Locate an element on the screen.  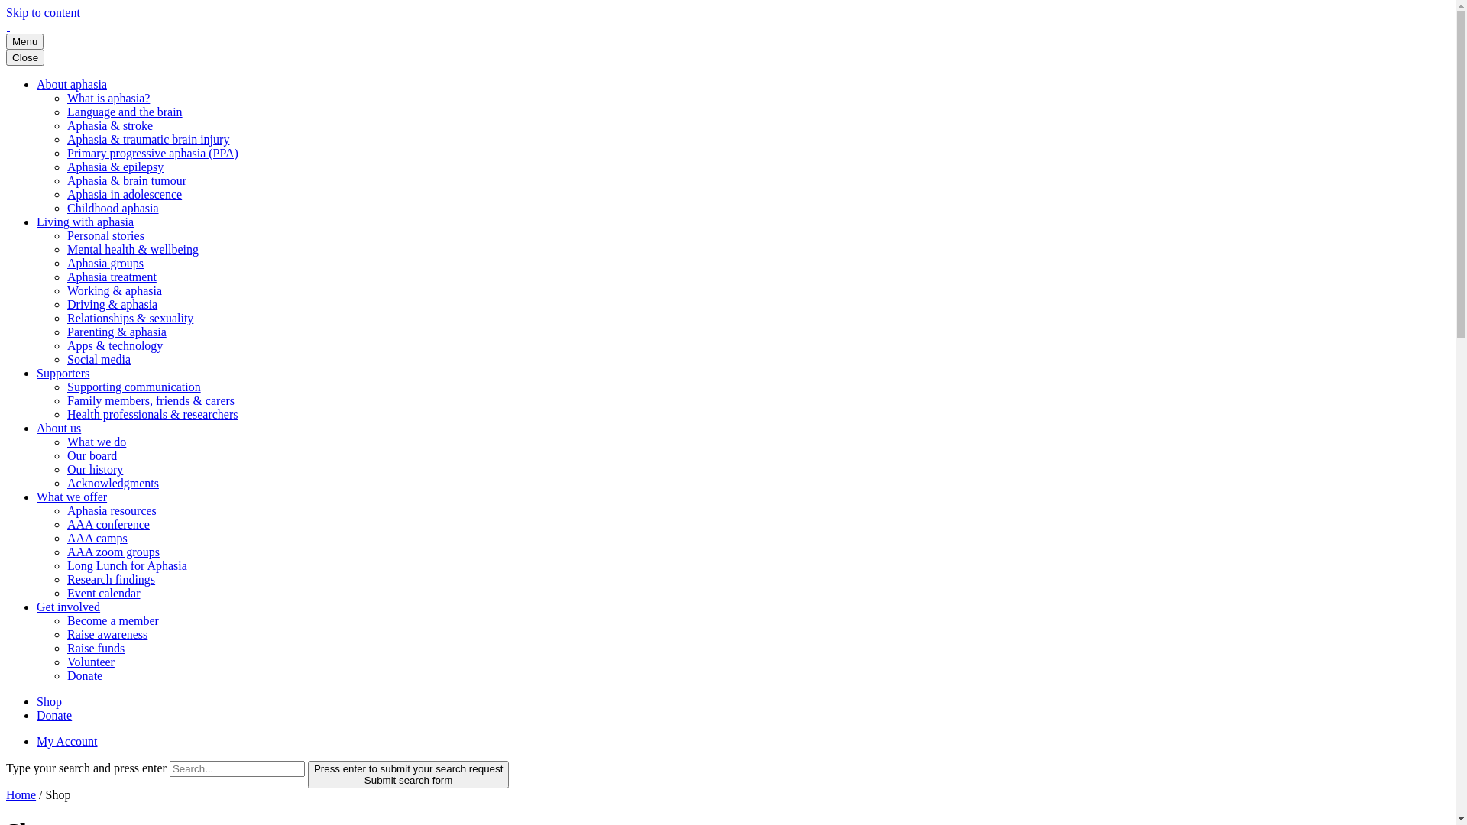
'Childhood aphasia' is located at coordinates (112, 208).